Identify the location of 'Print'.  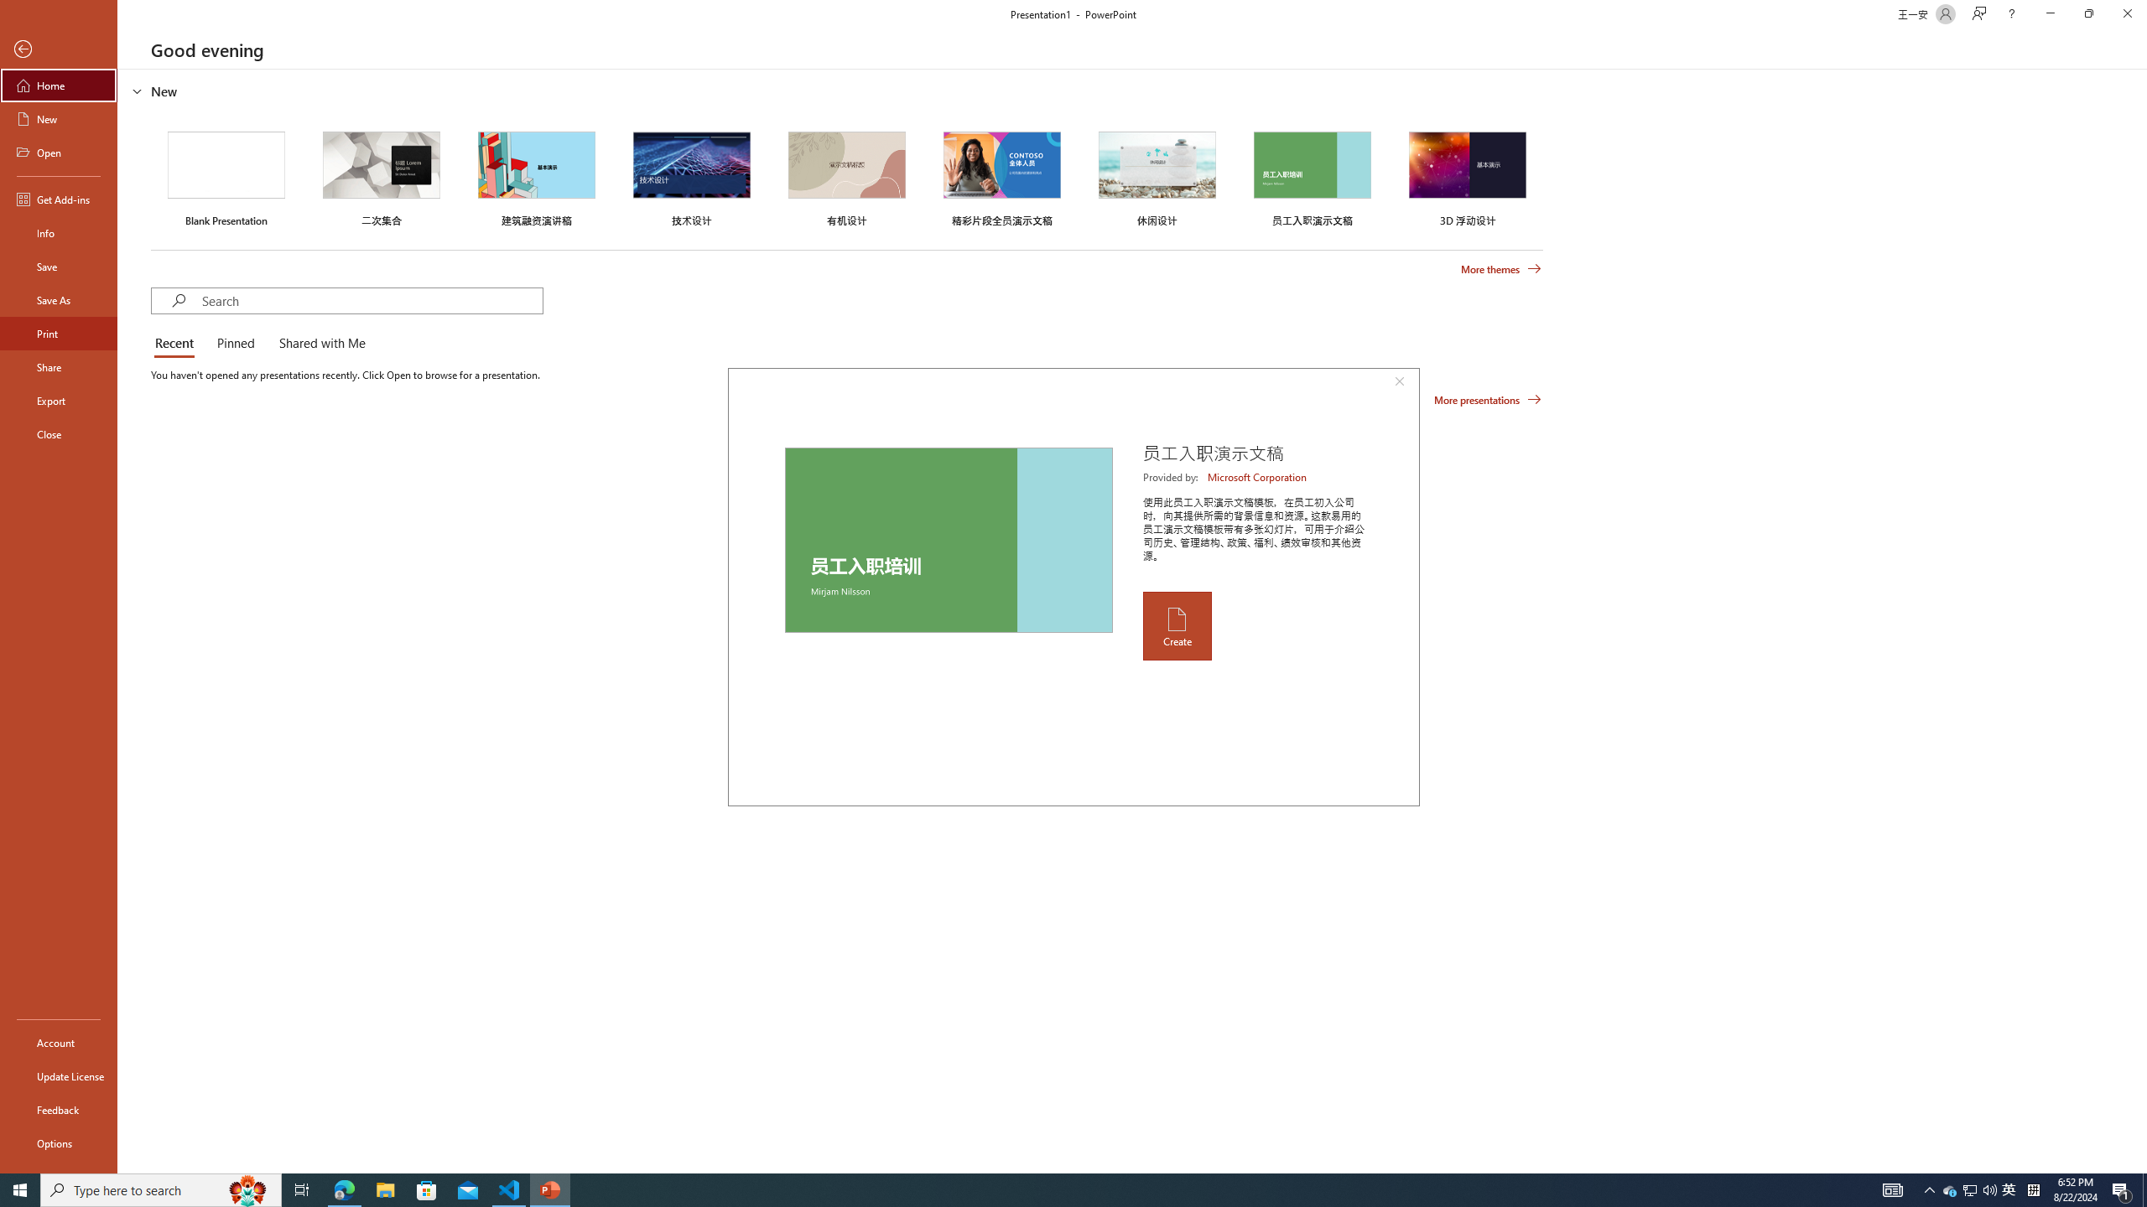
(58, 333).